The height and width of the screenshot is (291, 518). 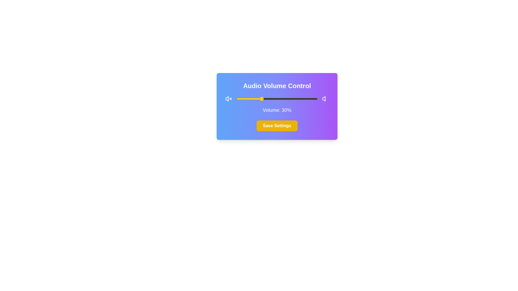 What do you see at coordinates (277, 126) in the screenshot?
I see `'Save Settings' button to save the current audio volume settings` at bounding box center [277, 126].